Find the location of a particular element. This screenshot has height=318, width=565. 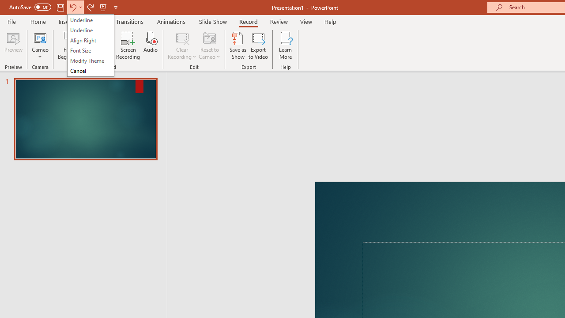

'Clear Recording' is located at coordinates (181, 45).